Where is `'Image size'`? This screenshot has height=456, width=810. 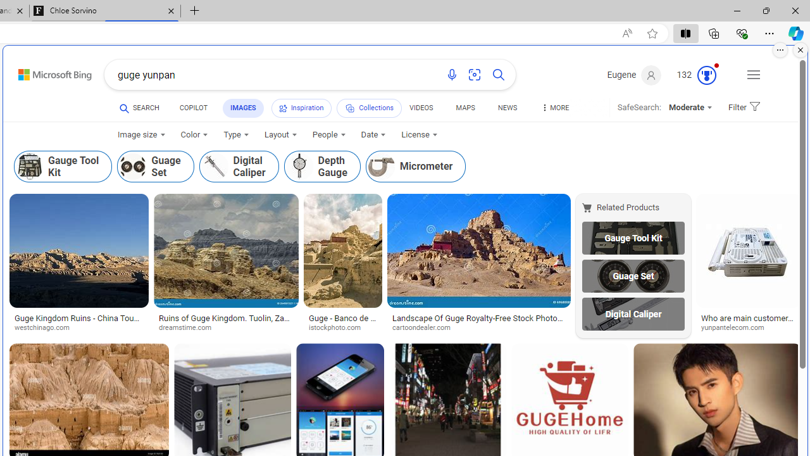 'Image size' is located at coordinates (141, 135).